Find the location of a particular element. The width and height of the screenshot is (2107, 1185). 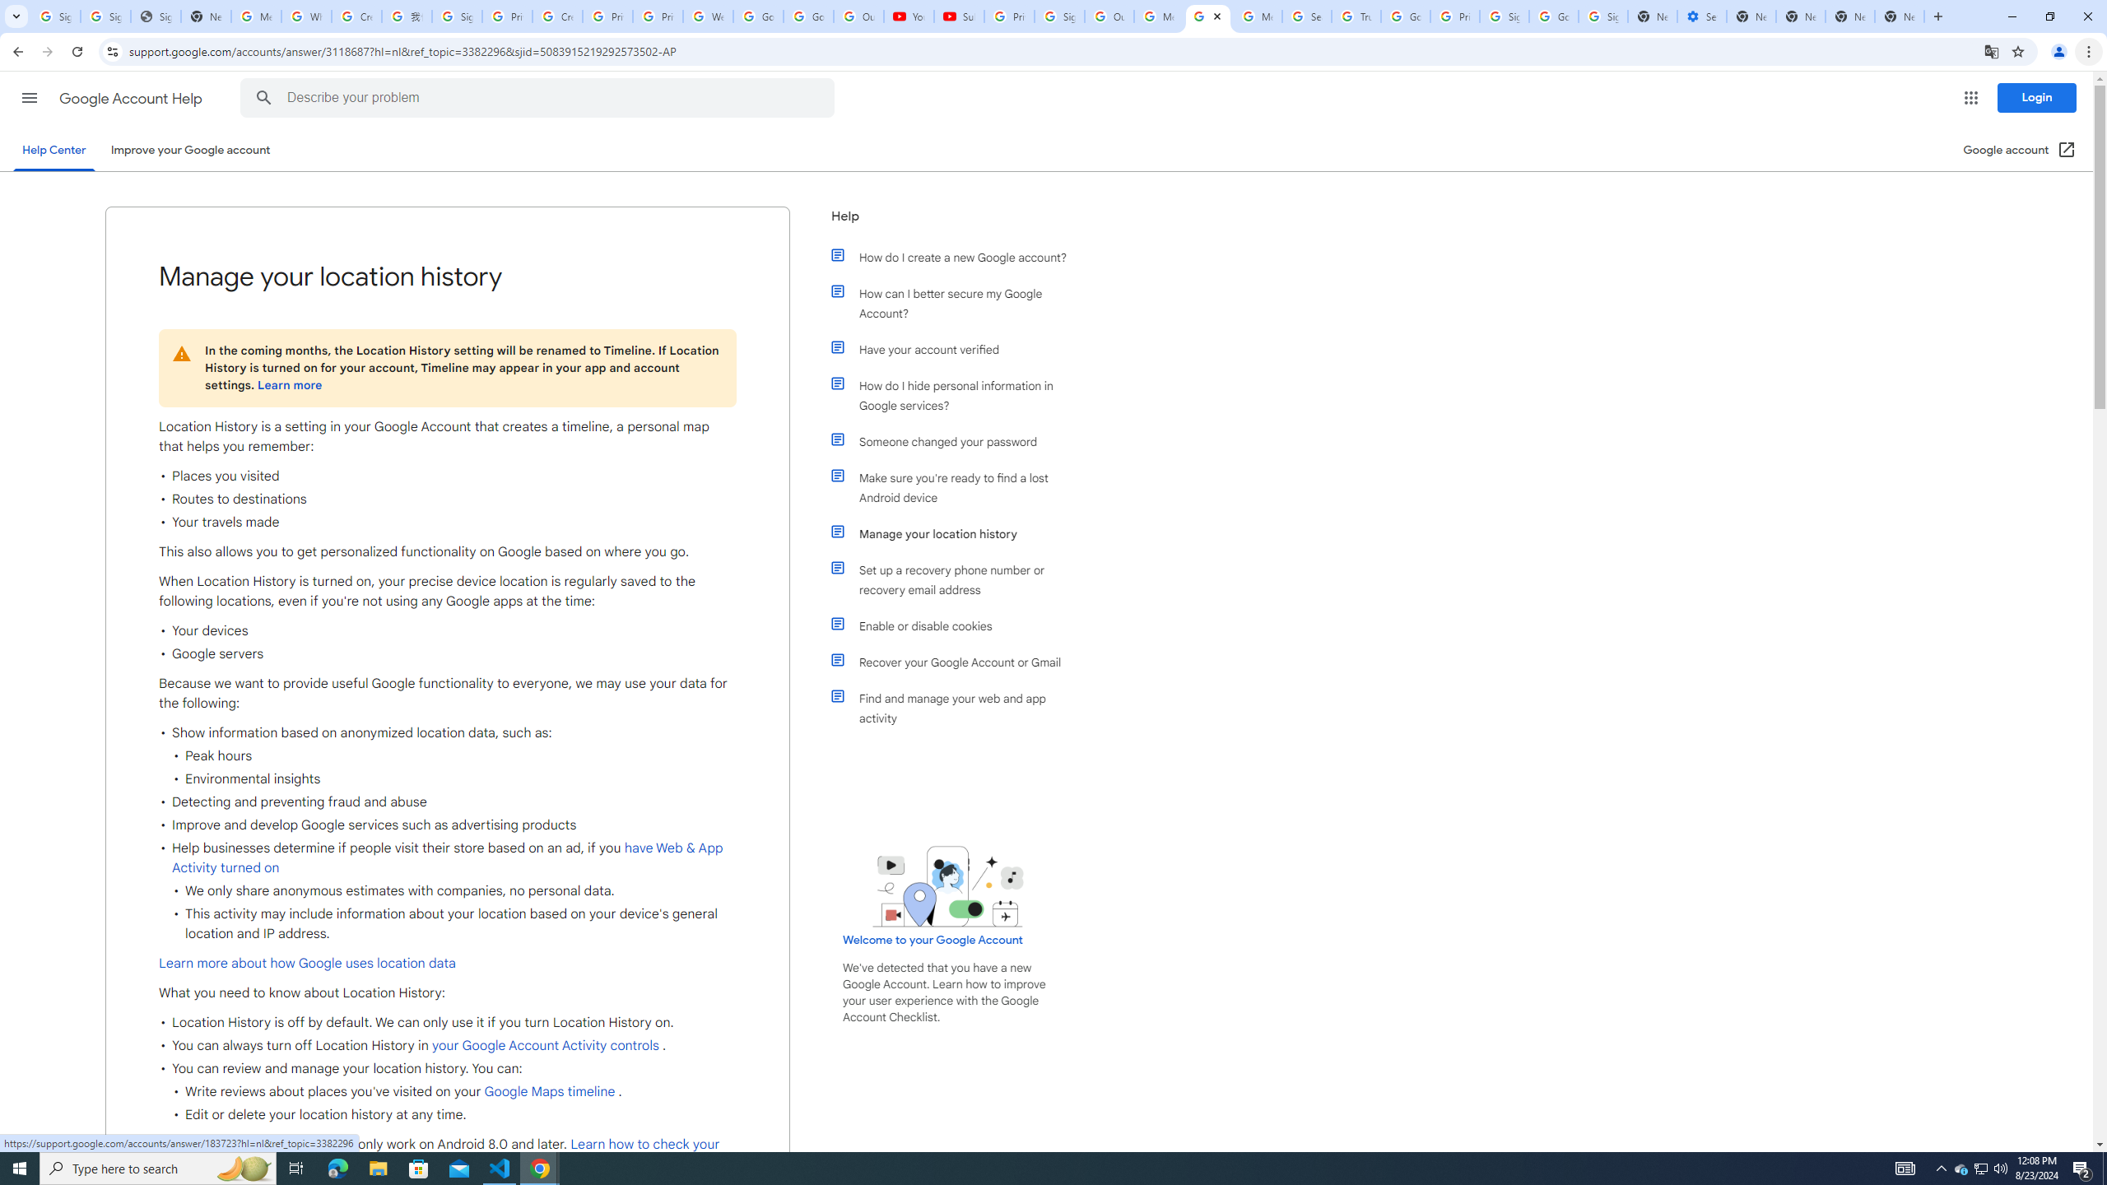

'Have your account verified' is located at coordinates (956, 349).